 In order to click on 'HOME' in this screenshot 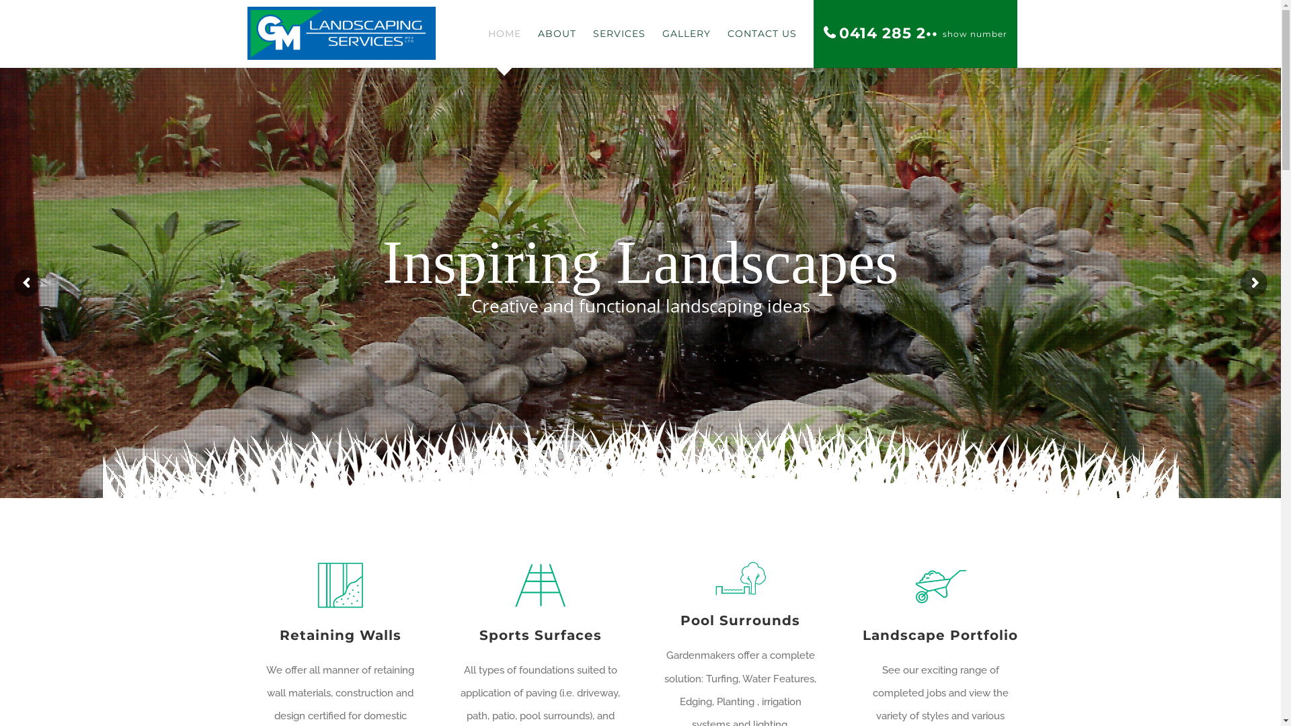, I will do `click(504, 33)`.